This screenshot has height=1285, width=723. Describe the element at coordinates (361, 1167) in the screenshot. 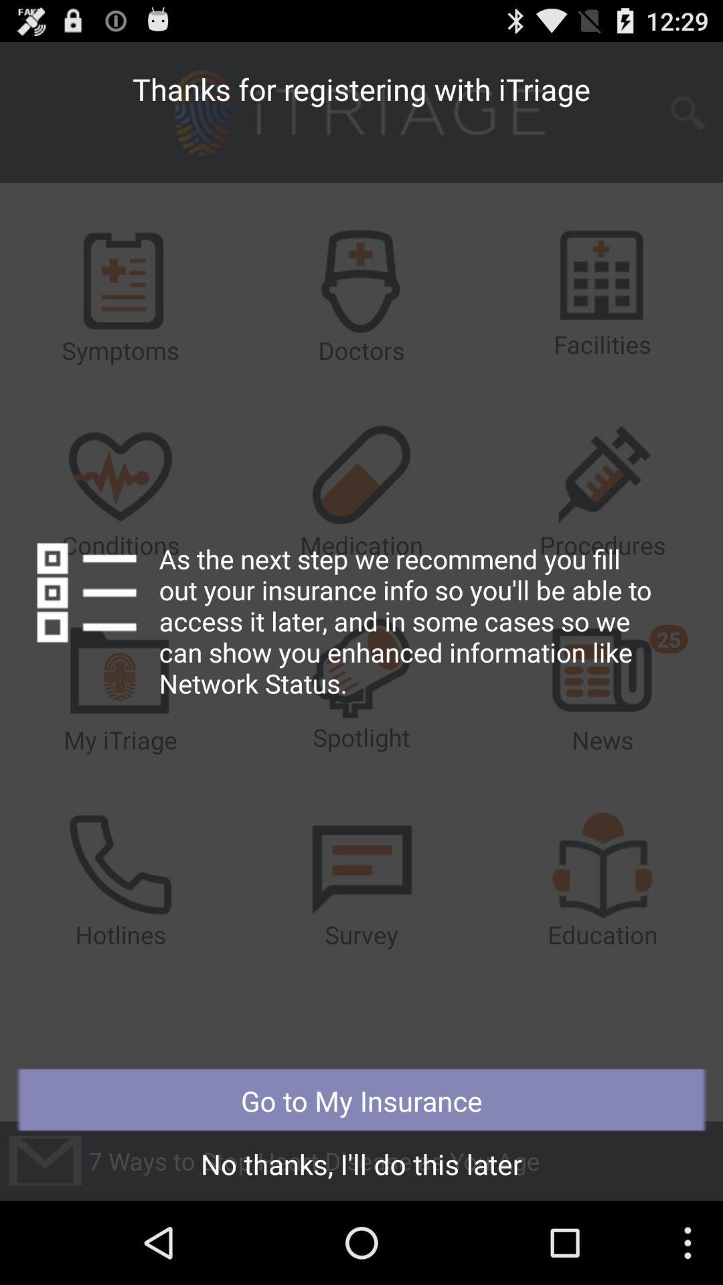

I see `the button below the go to my` at that location.